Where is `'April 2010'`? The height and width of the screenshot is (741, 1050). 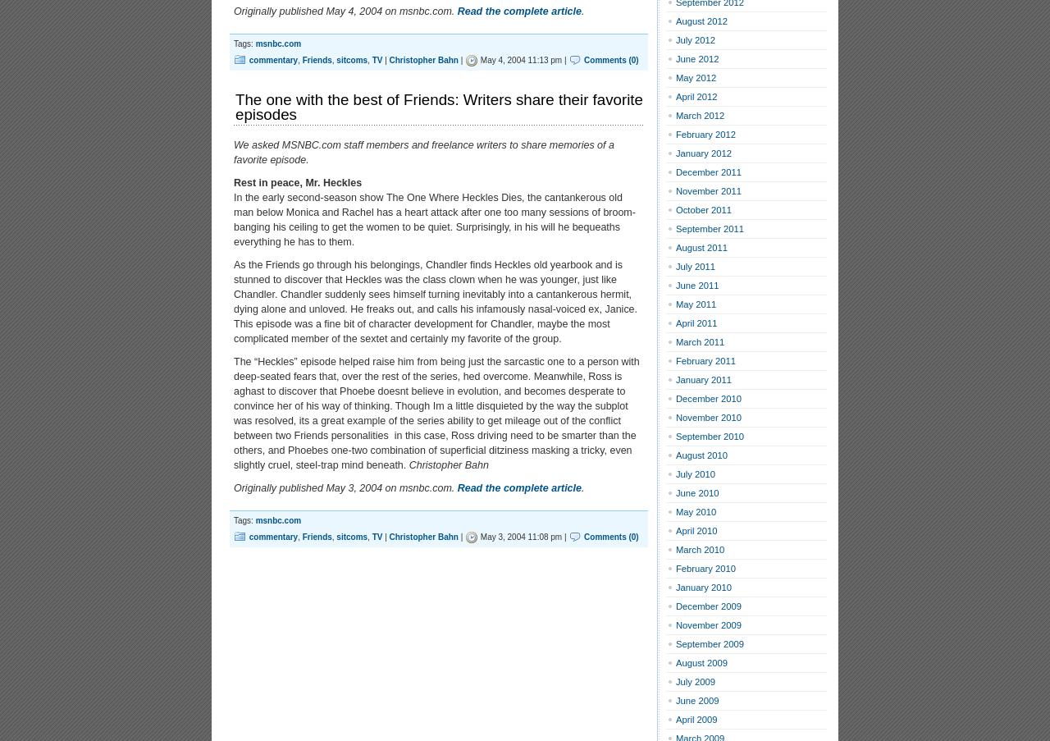 'April 2010' is located at coordinates (696, 529).